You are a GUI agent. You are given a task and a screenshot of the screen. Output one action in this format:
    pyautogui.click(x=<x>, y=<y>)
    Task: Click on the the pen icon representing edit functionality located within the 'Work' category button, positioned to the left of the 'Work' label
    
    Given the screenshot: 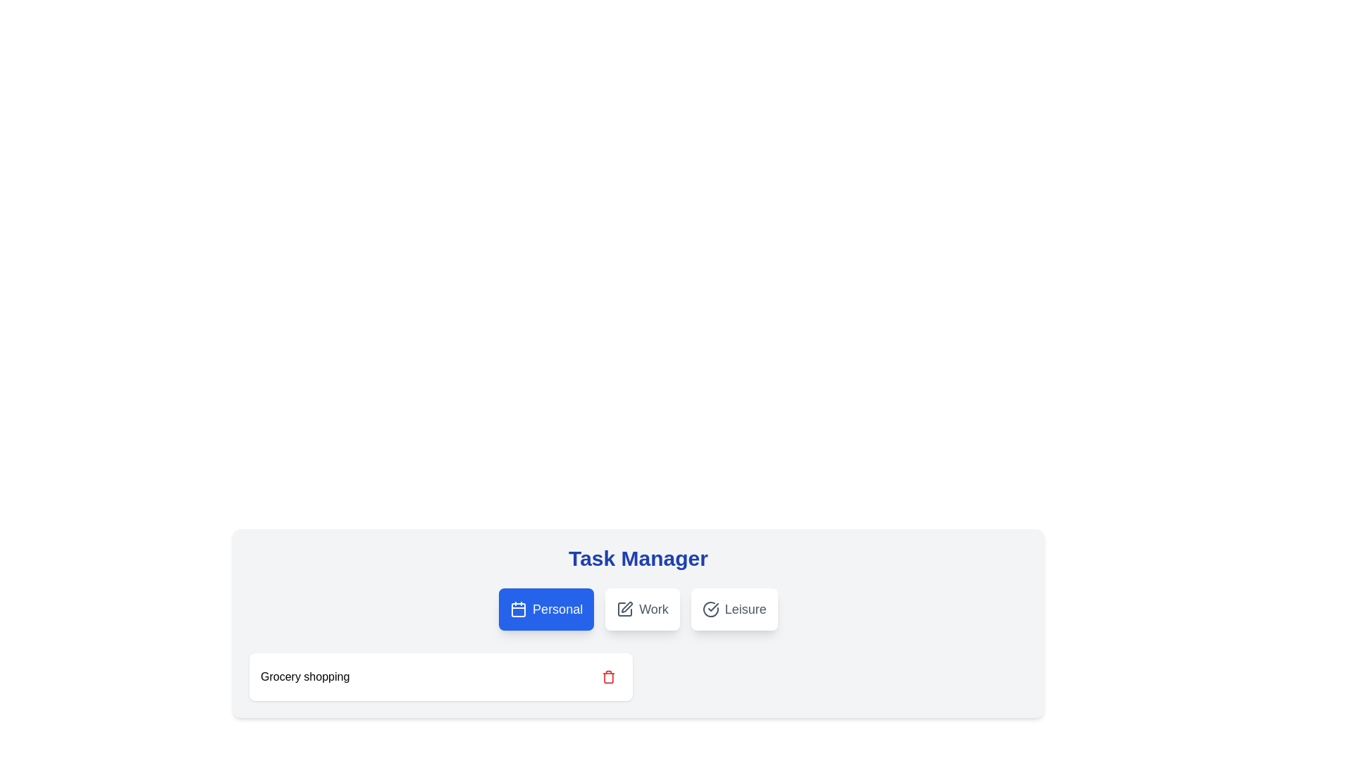 What is the action you would take?
    pyautogui.click(x=624, y=608)
    